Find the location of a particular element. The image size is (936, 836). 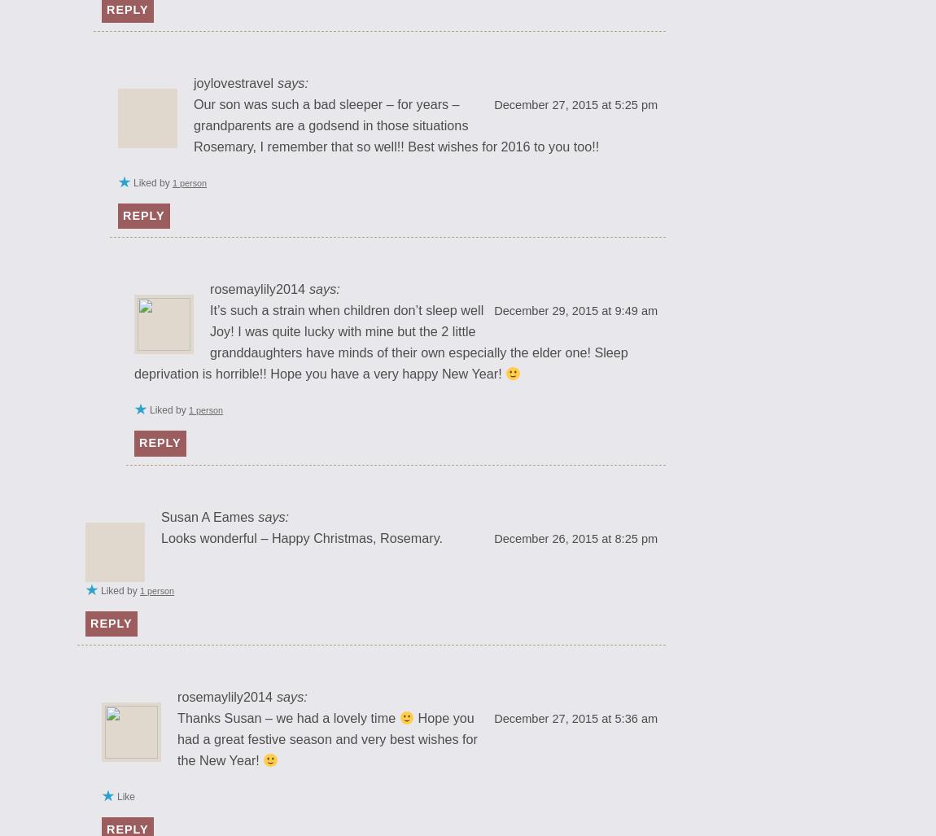

'Like' is located at coordinates (116, 796).